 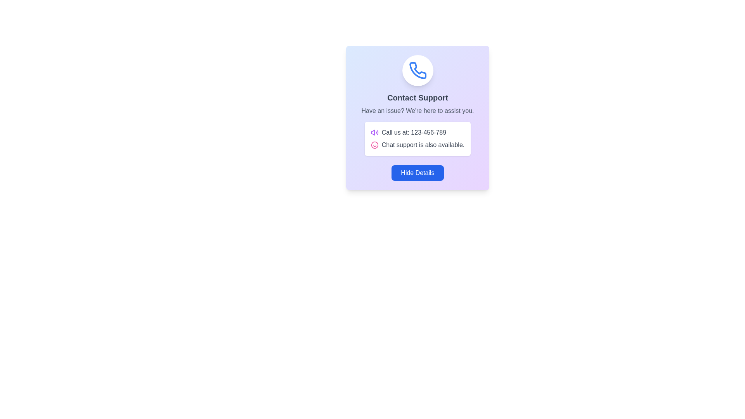 I want to click on the topmost circular icon labeled 'Contact Support' which indicates contact or support assistance, surrounded by a light purple background, so click(x=417, y=70).